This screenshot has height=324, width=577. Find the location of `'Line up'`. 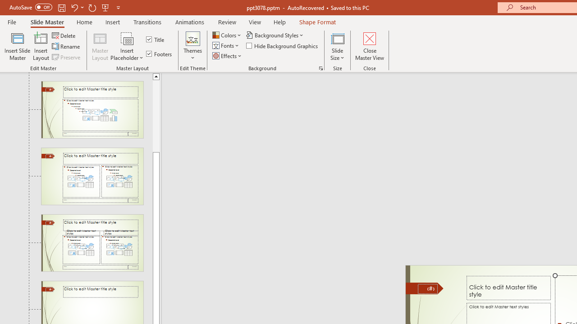

'Line up' is located at coordinates (156, 76).